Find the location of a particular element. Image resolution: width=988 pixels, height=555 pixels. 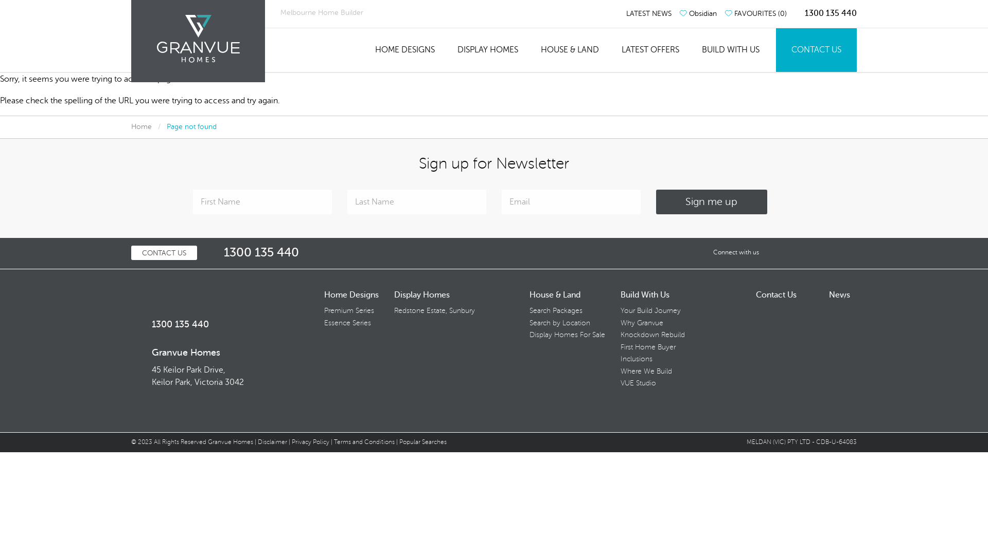

'Your Build Journey' is located at coordinates (620, 310).